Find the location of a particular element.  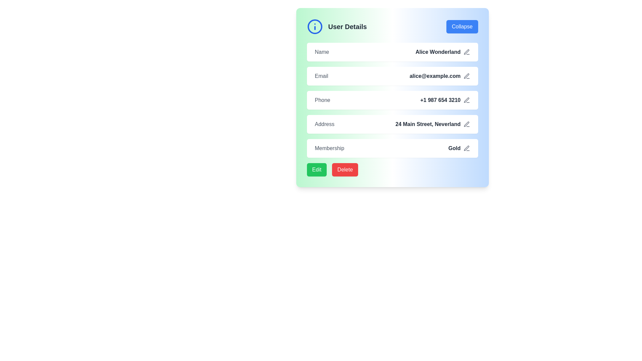

the Text Display that shows the address '24 Main Street, Neverland' in bold, dark gray font, located in the 'Address' section of the user details form is located at coordinates (433, 124).